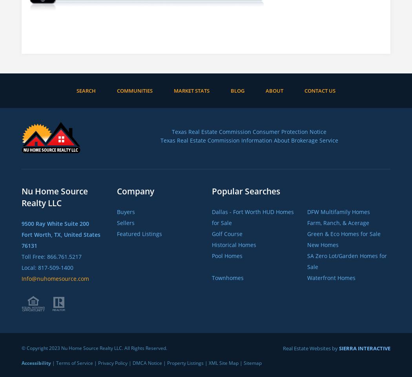 This screenshot has width=412, height=377. Describe the element at coordinates (185, 362) in the screenshot. I see `'Property Listings'` at that location.